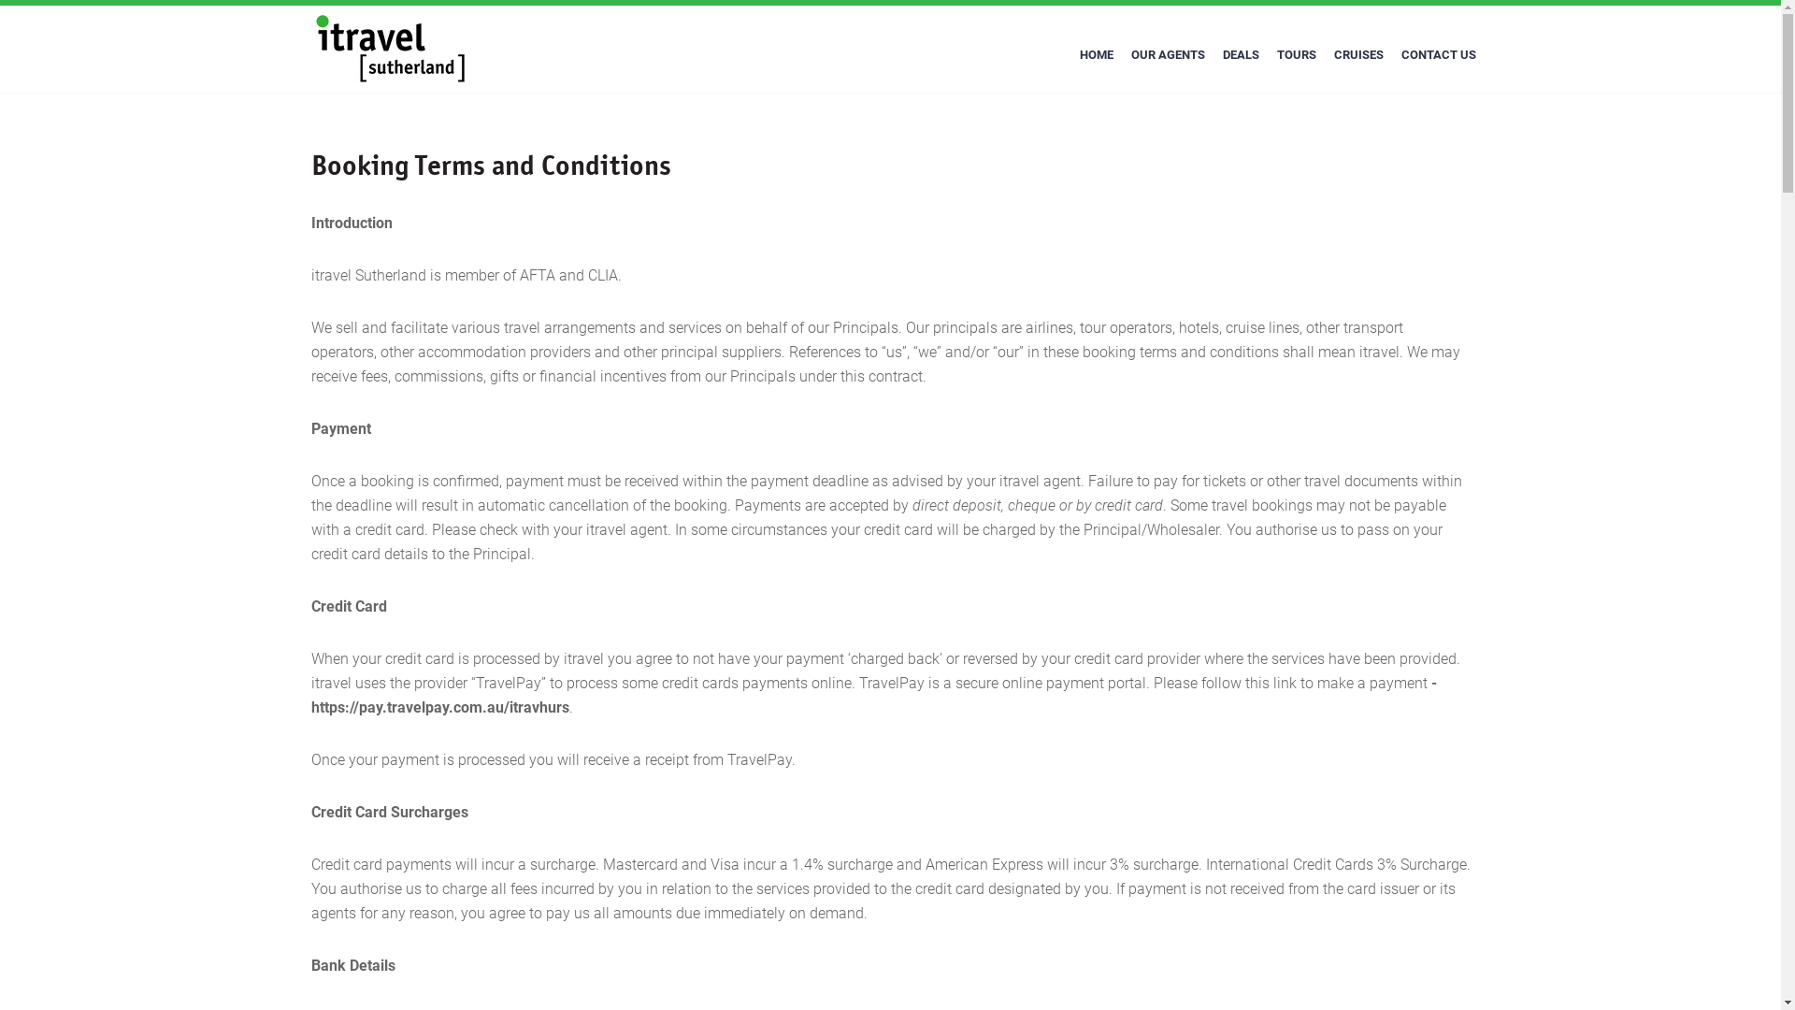 The image size is (1795, 1010). Describe the element at coordinates (1295, 53) in the screenshot. I see `'TOURS'` at that location.